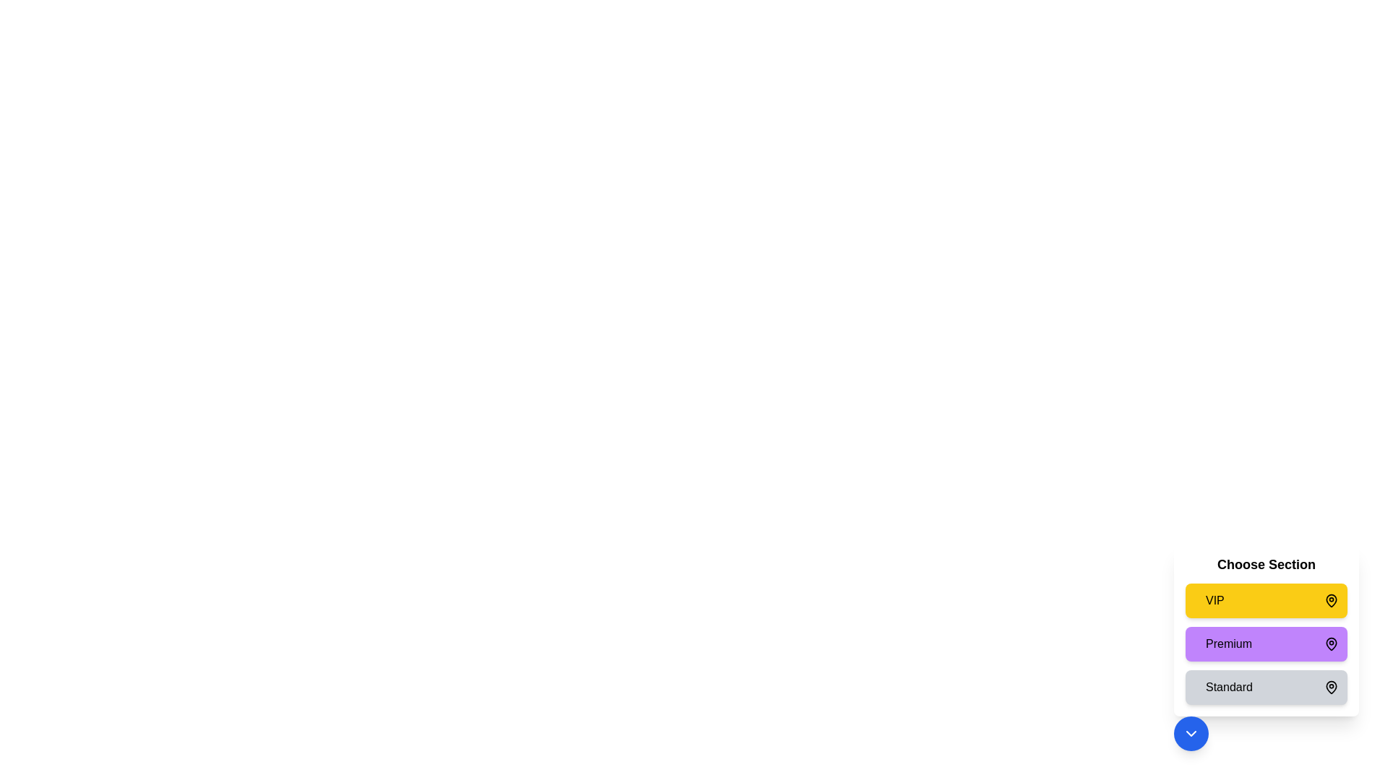 This screenshot has width=1388, height=780. I want to click on button with the chevron icon to toggle the menu visibility, so click(1191, 733).